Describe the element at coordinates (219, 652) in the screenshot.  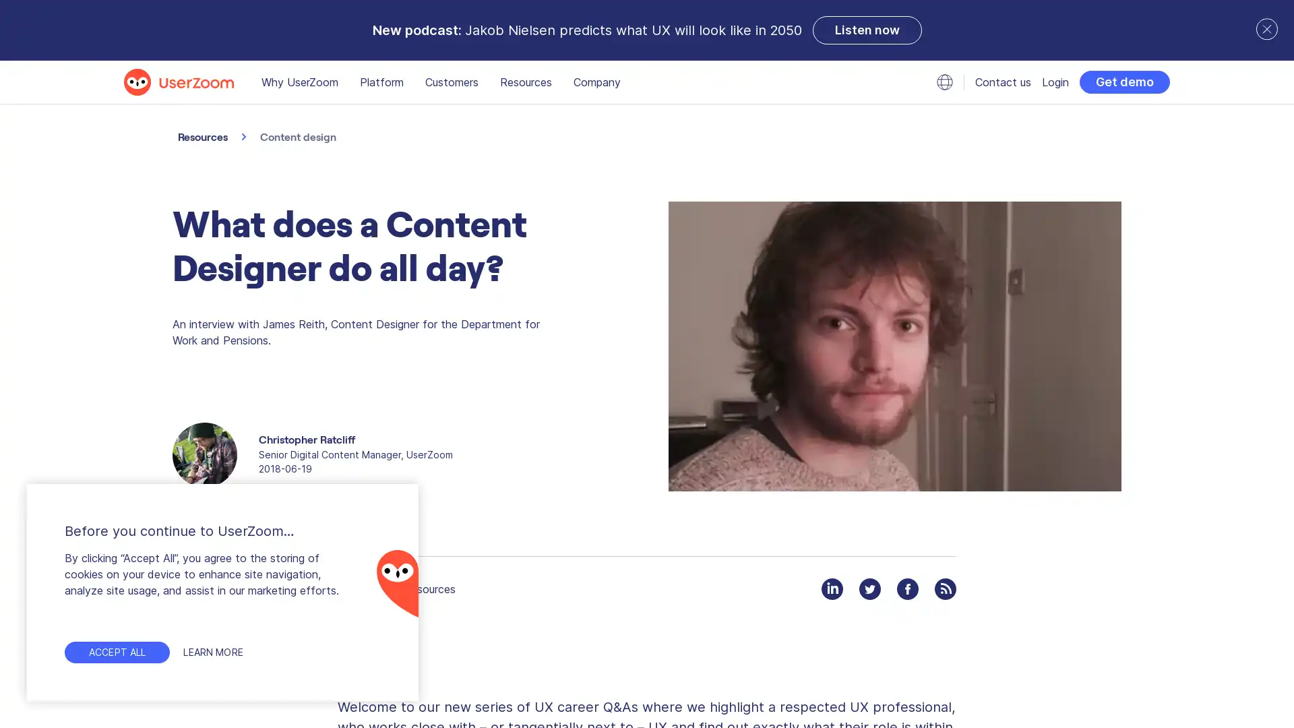
I see `LEARN MORE` at that location.